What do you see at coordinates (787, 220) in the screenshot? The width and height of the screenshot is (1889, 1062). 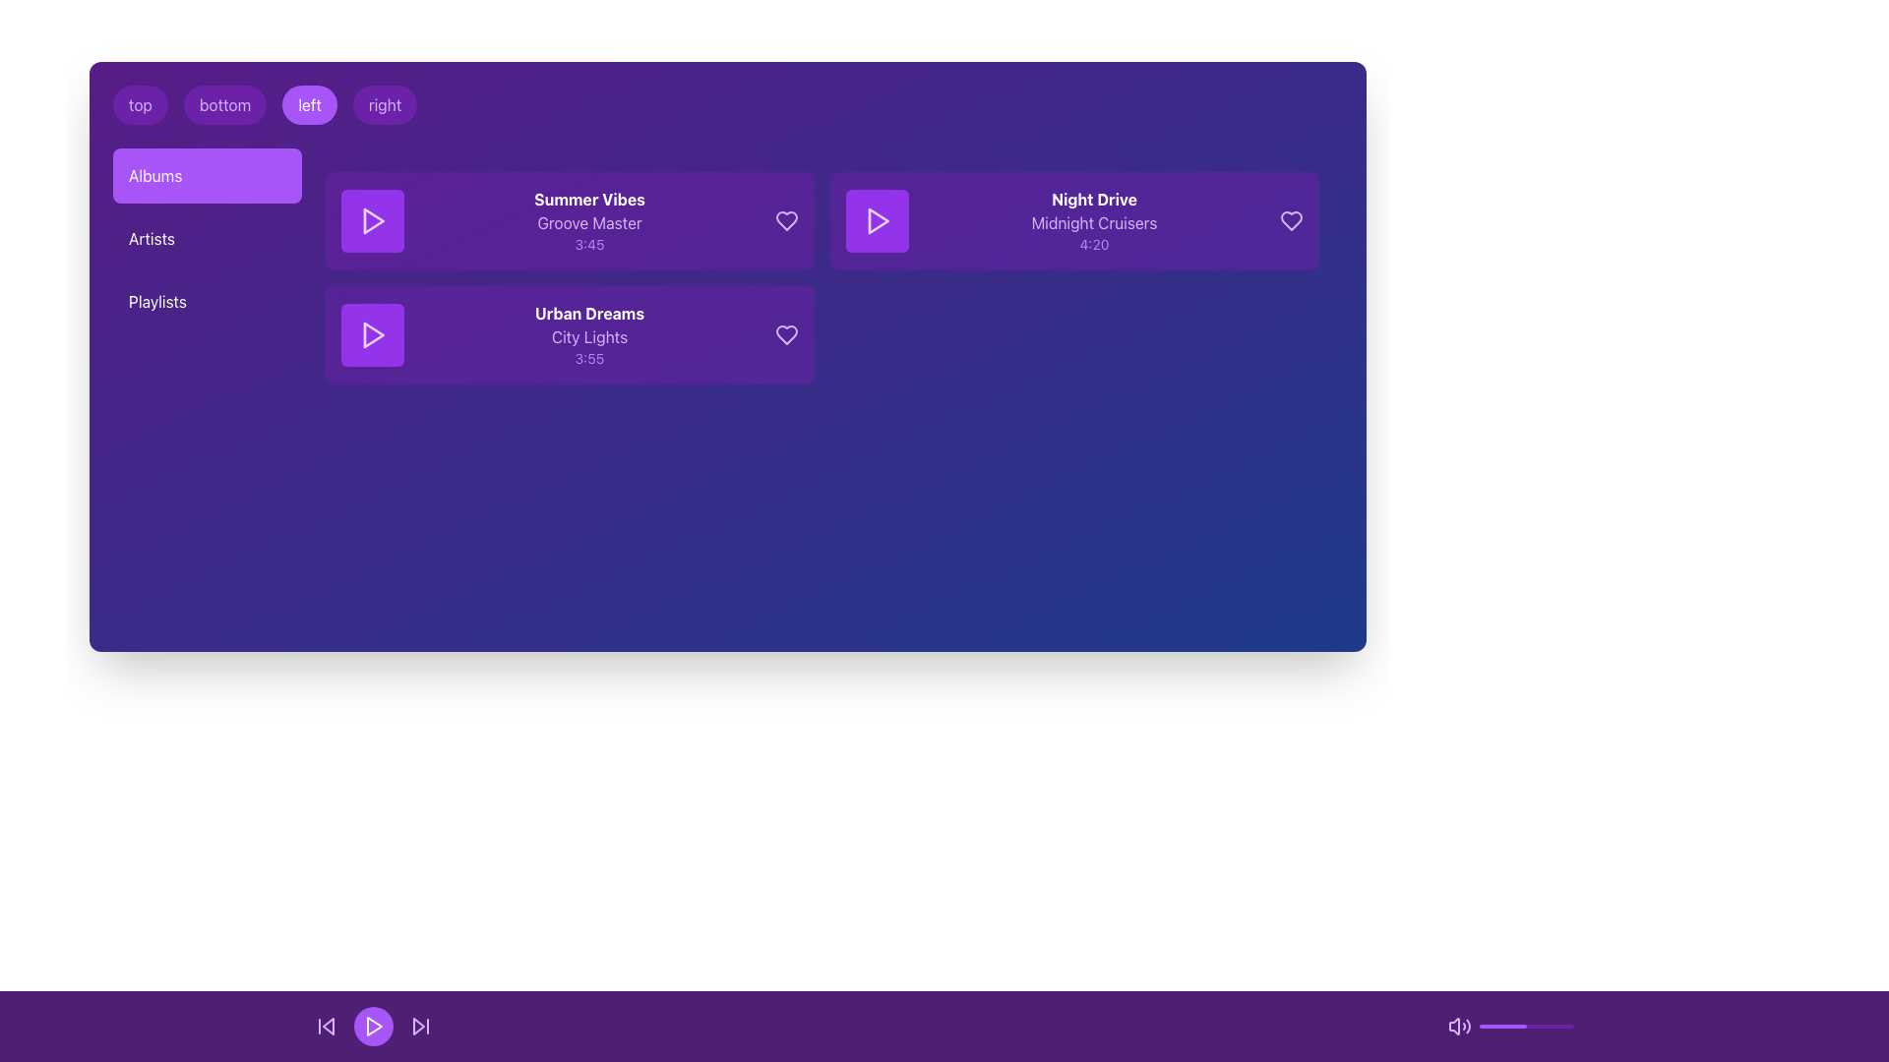 I see `the heart icon` at bounding box center [787, 220].